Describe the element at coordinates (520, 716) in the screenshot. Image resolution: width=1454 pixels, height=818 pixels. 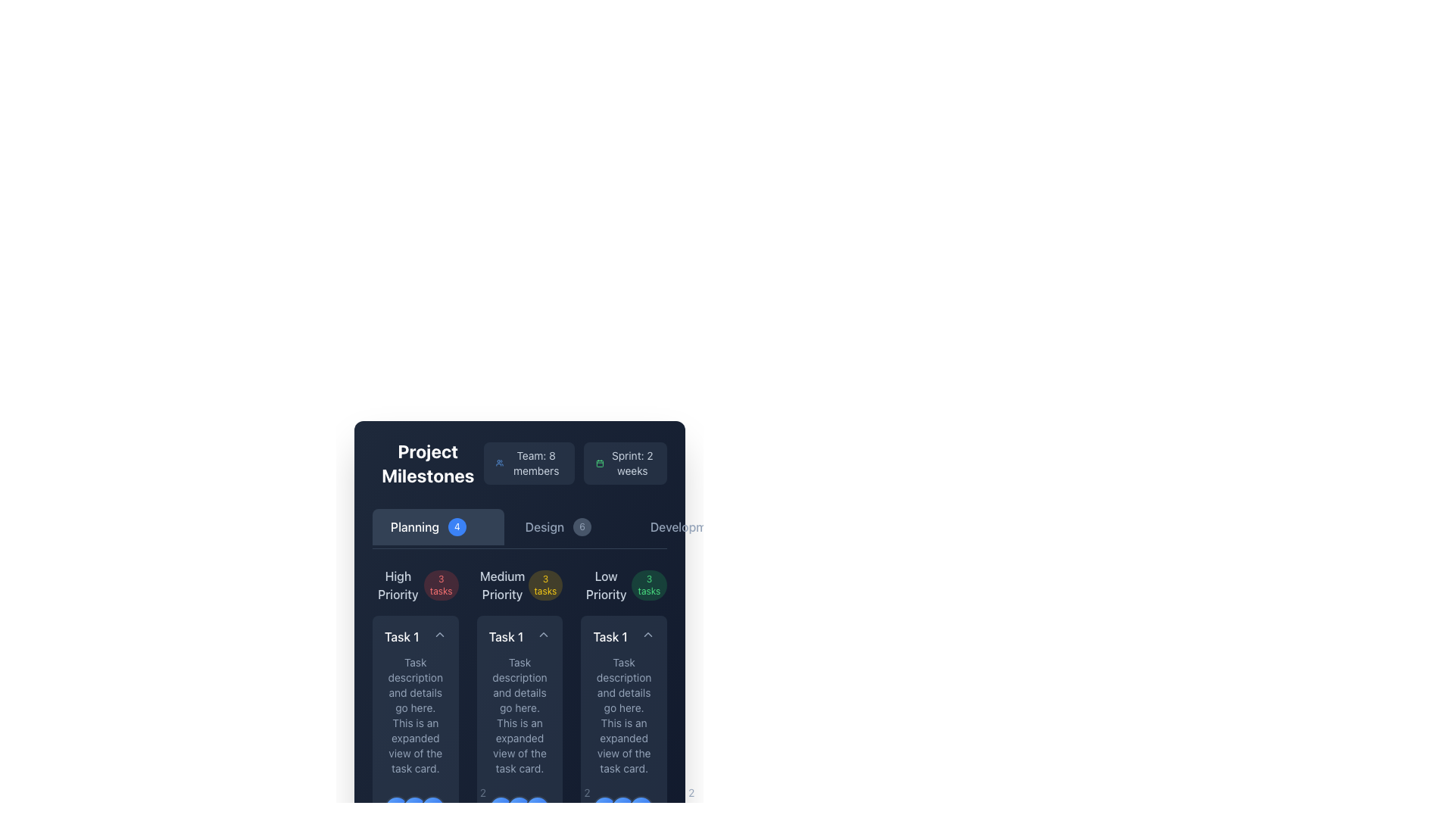
I see `text from the Text Label that contains 'Task description and details go here. This is an expanded view of the task card.' located under 'Medium Priority' within the 'Task 1' card` at that location.